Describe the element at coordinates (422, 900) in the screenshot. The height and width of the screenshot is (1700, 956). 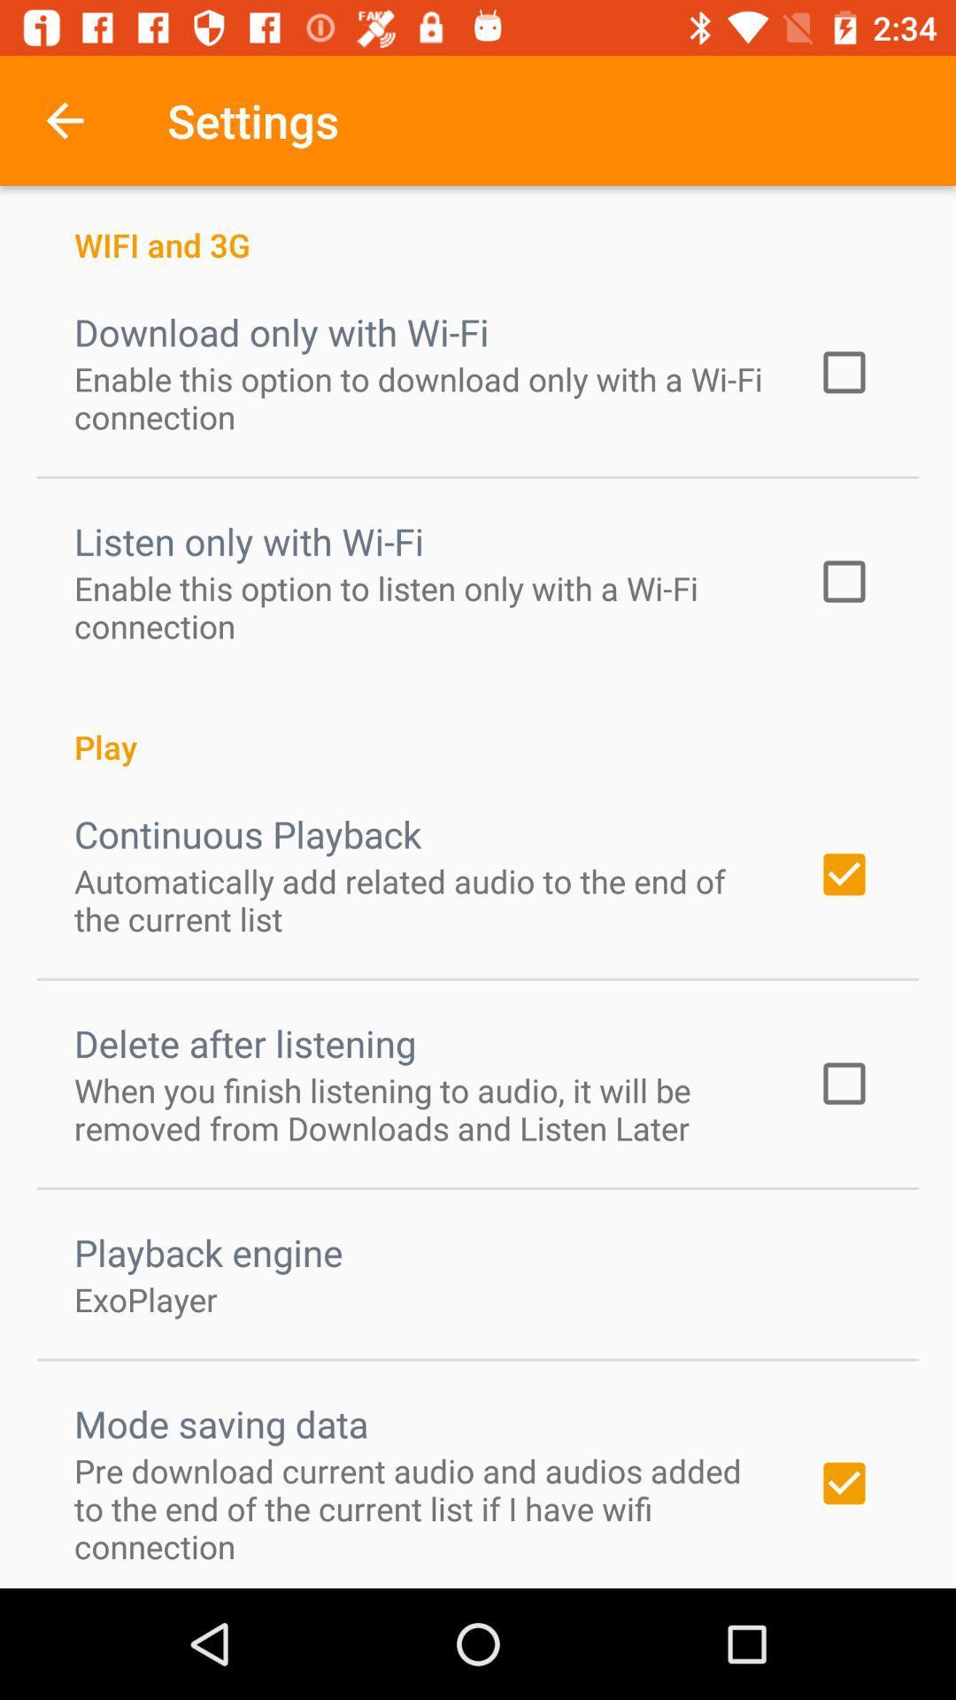
I see `automatically add related` at that location.